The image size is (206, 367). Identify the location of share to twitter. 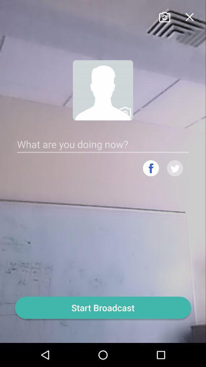
(175, 168).